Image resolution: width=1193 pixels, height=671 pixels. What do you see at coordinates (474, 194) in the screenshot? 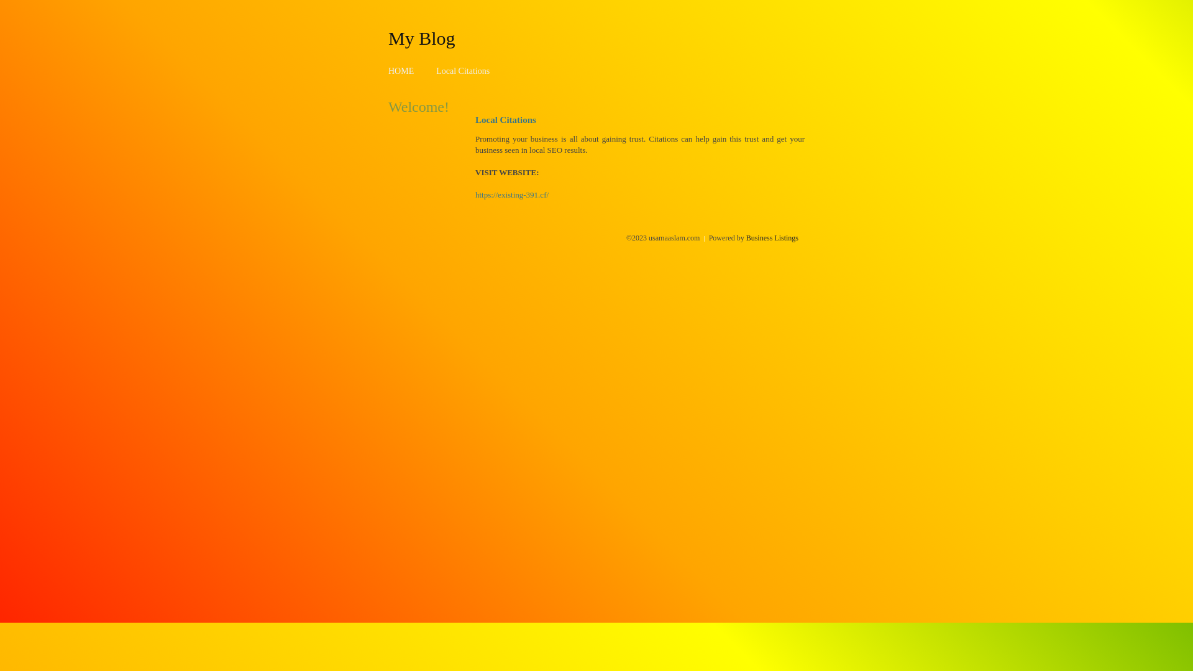
I see `'https://existing-391.cf/'` at bounding box center [474, 194].